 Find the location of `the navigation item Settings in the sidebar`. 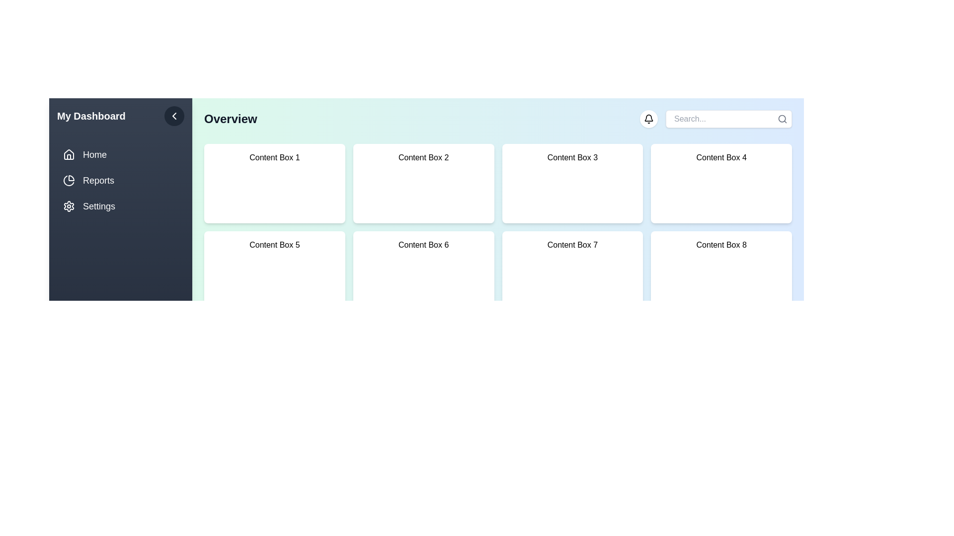

the navigation item Settings in the sidebar is located at coordinates (120, 206).